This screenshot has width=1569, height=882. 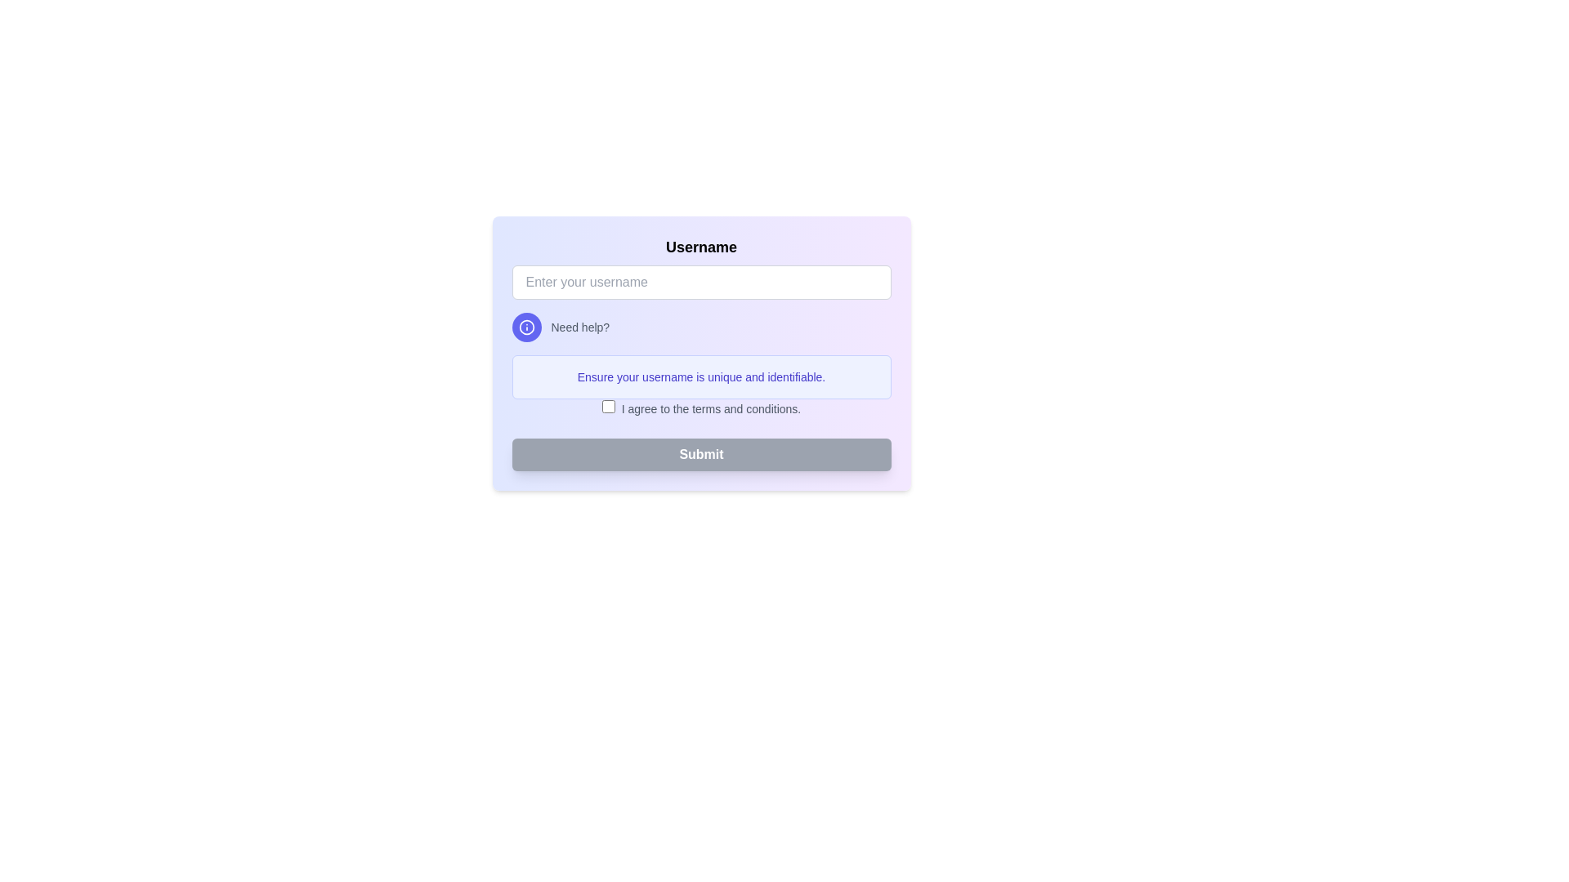 What do you see at coordinates (701, 247) in the screenshot?
I see `the label indicating the purpose of the adjacent username input field, which is located at the top of the form section` at bounding box center [701, 247].